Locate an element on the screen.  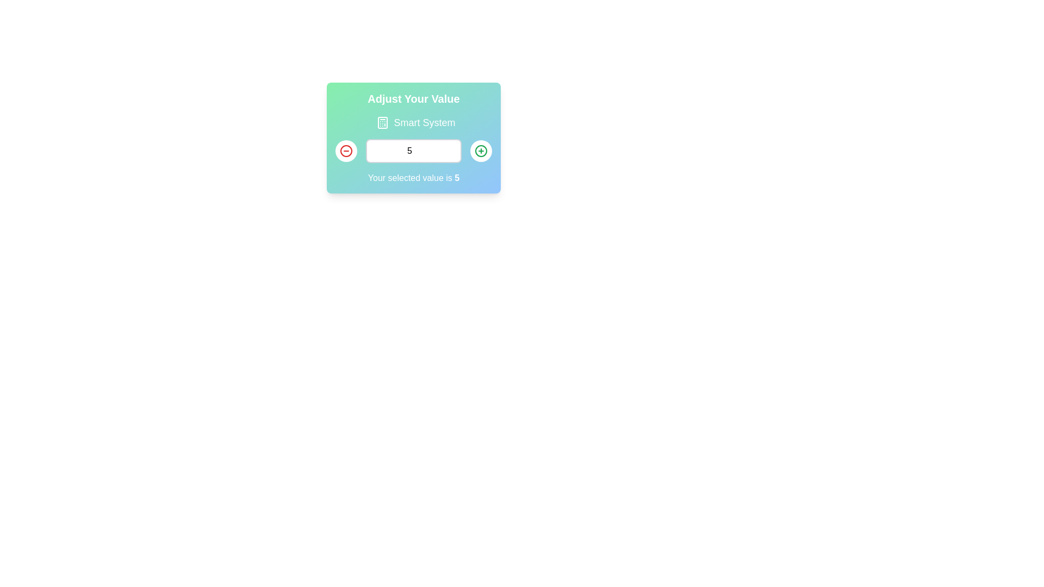
the Text Label that displays 'Your selected value is 5', which is styled with a medium-sized white font and is centrally aligned on a gradient background transitioning from green to blue is located at coordinates (413, 177).